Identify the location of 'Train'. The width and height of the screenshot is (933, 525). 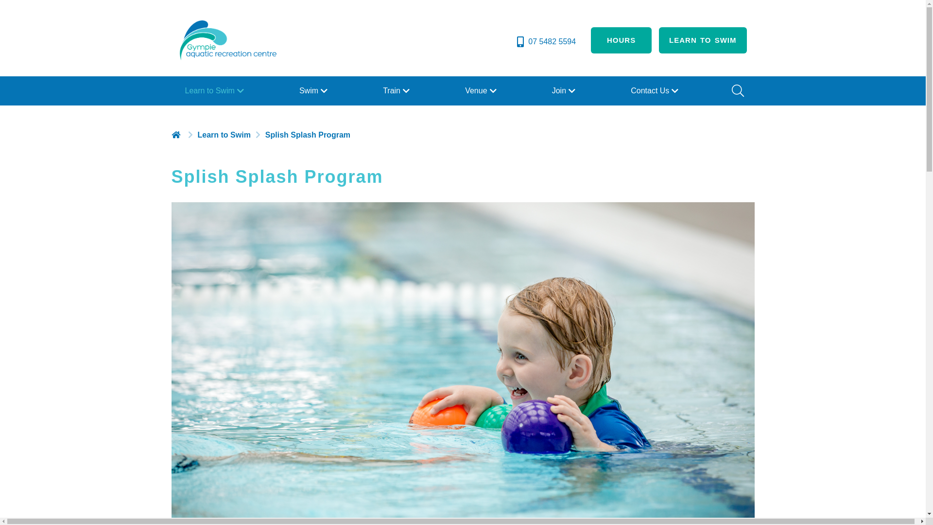
(397, 90).